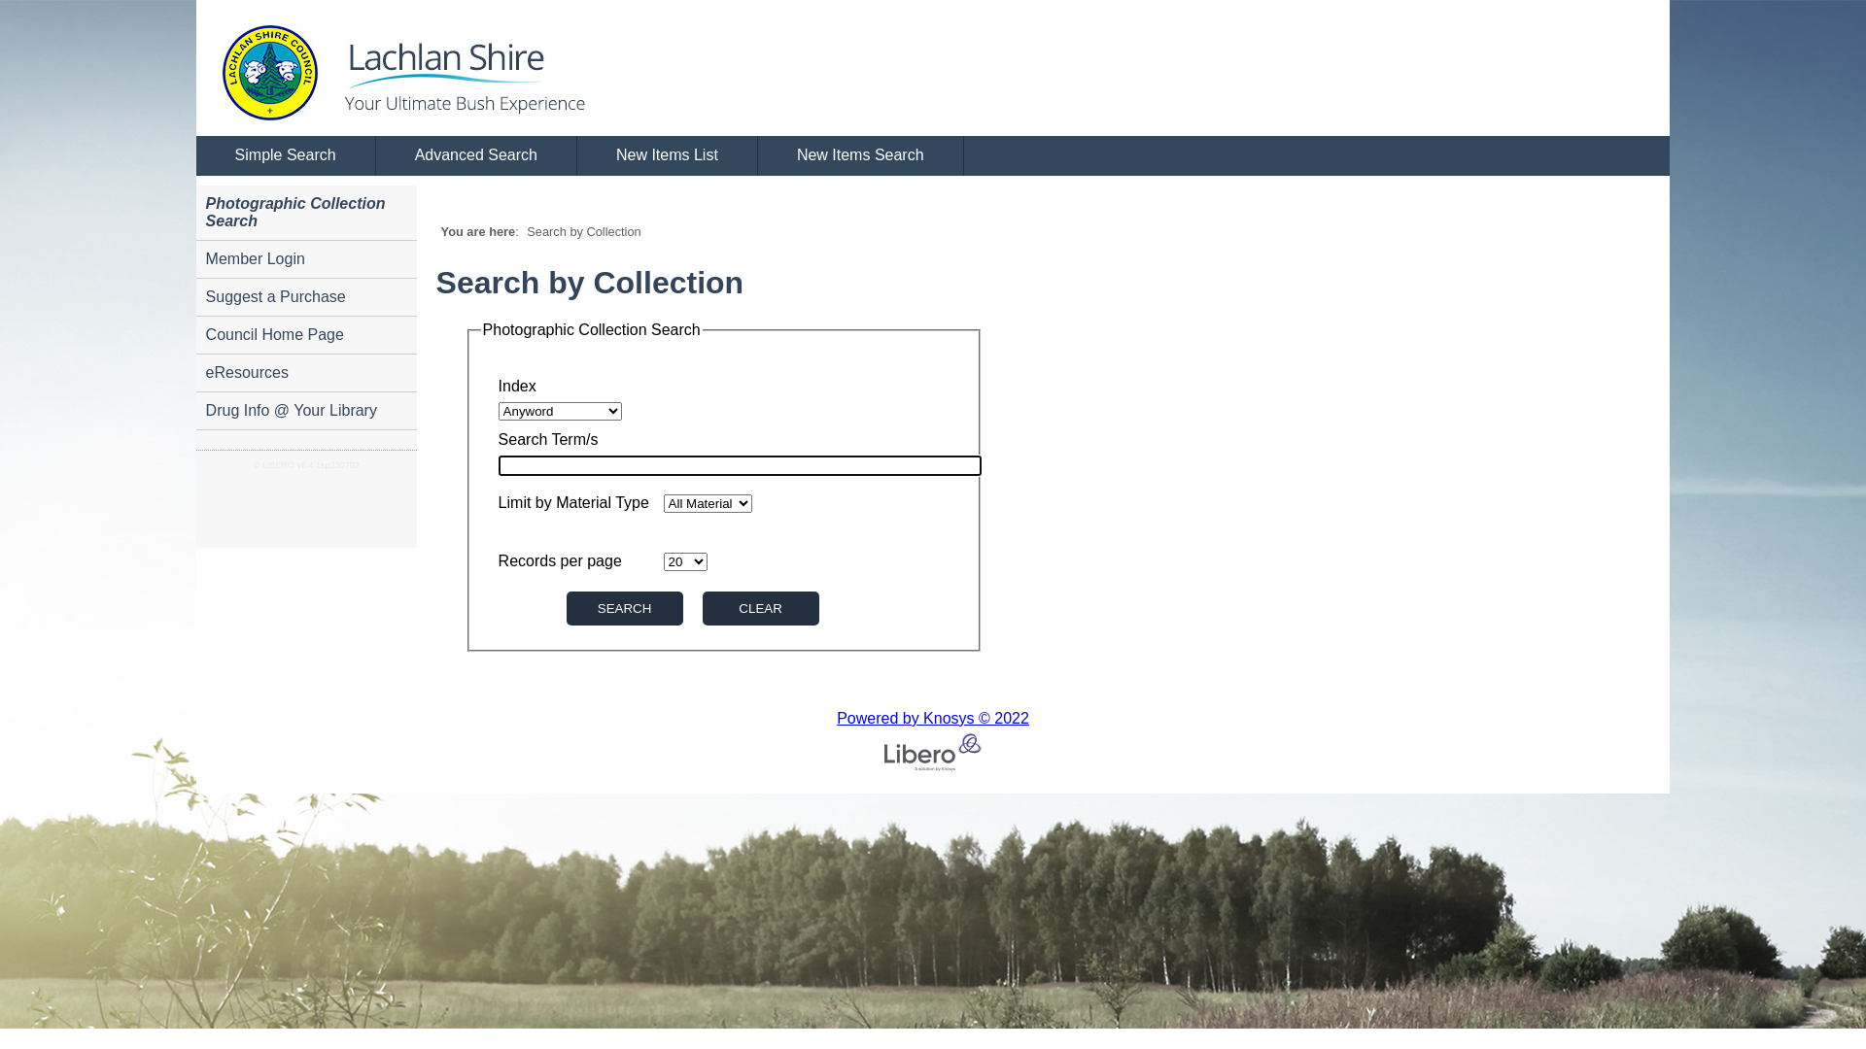 The image size is (1866, 1049). I want to click on 'New Items Search', so click(860, 155).